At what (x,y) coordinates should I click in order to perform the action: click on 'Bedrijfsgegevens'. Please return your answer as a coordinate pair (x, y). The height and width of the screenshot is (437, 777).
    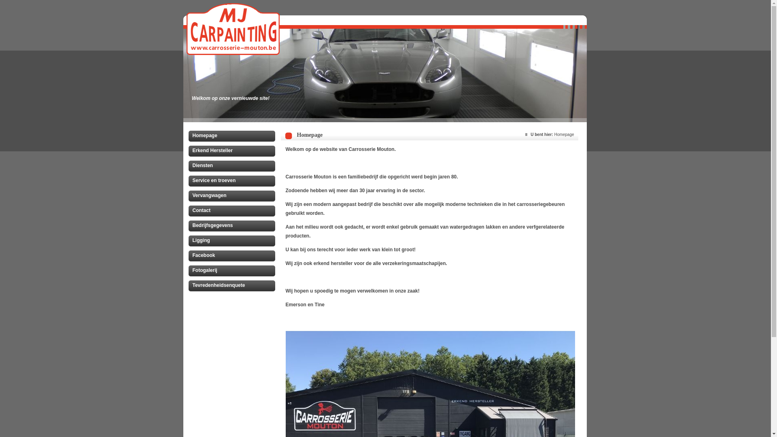
    Looking at the image, I should click on (188, 227).